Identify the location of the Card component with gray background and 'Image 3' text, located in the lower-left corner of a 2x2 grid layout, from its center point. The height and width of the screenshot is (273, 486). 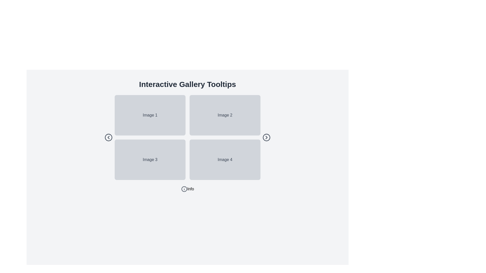
(150, 160).